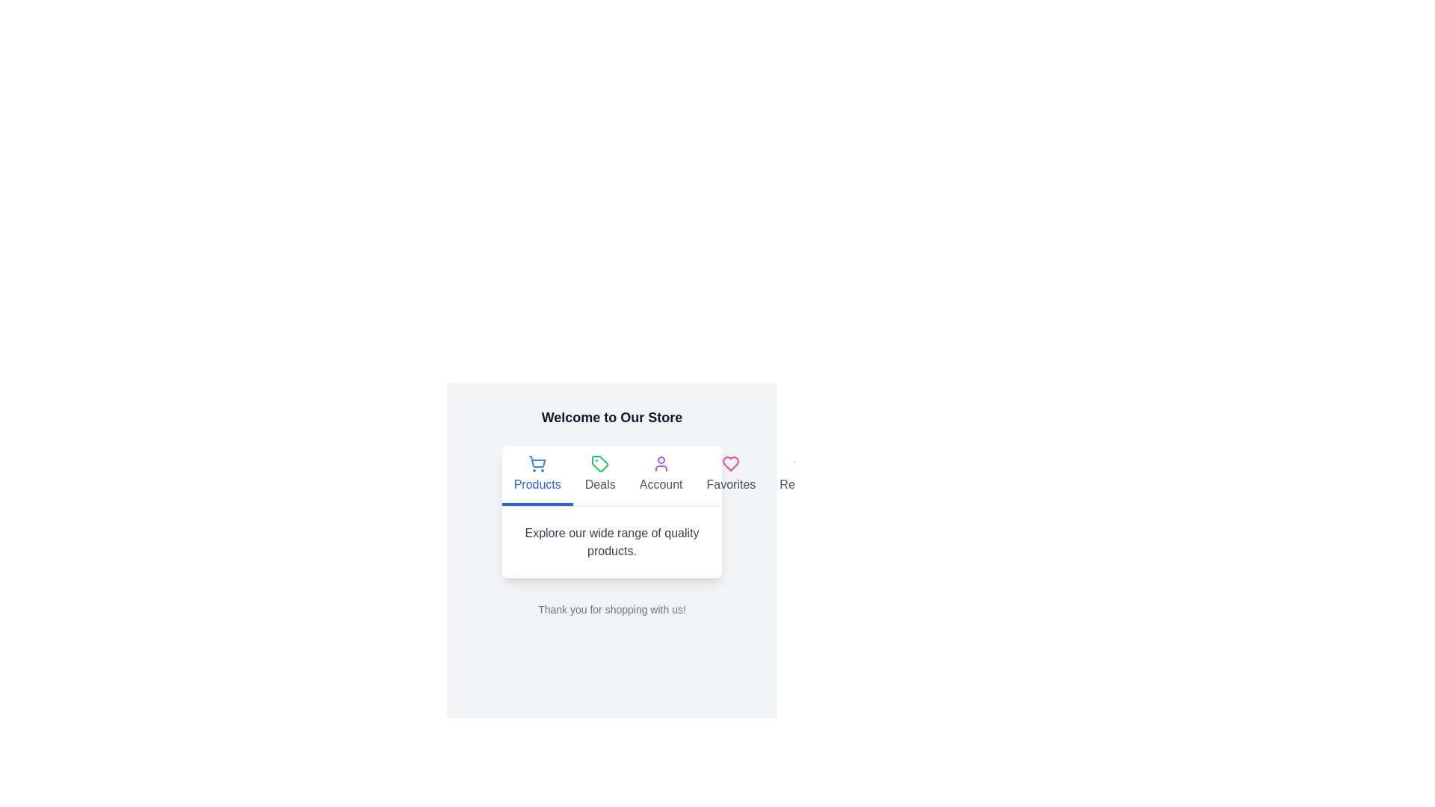  What do you see at coordinates (600, 463) in the screenshot?
I see `the green tag icon located in the navigation menu under the 'Deals' label` at bounding box center [600, 463].